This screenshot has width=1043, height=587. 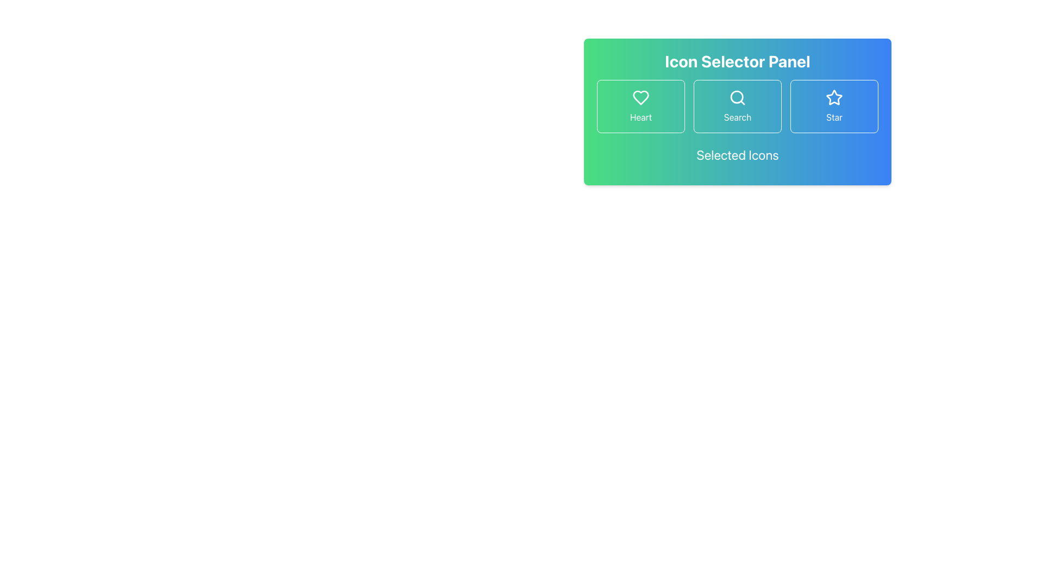 What do you see at coordinates (641, 98) in the screenshot?
I see `the heart icon` at bounding box center [641, 98].